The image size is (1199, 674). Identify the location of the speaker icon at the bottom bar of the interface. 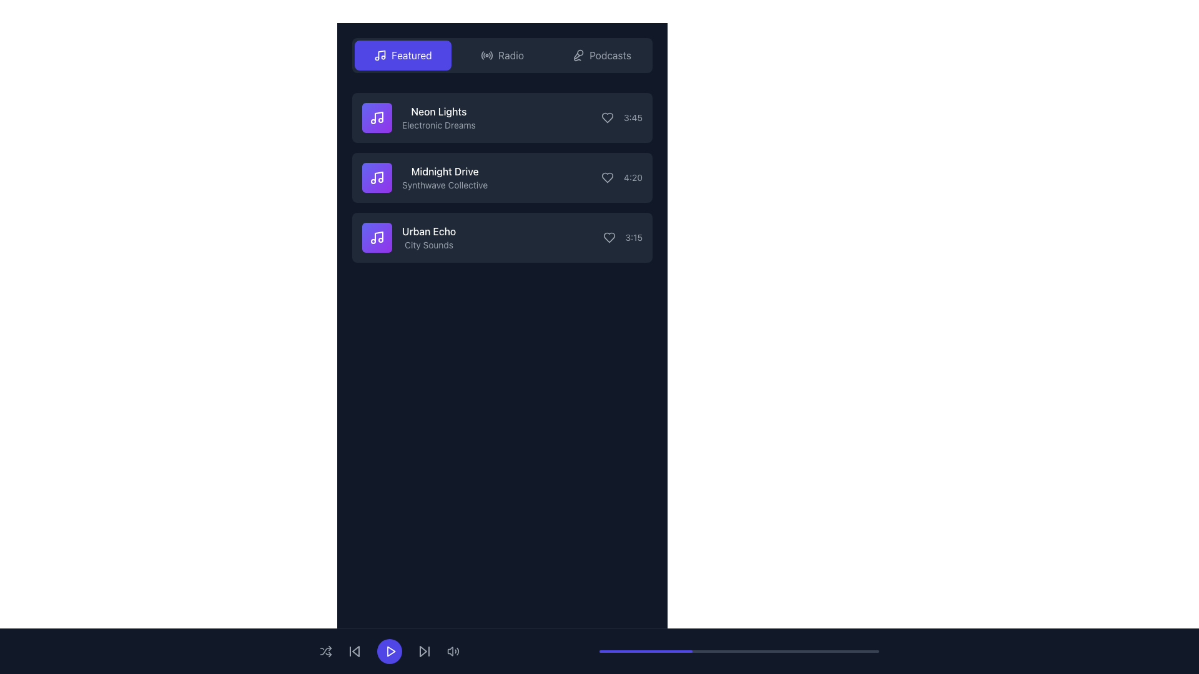
(450, 651).